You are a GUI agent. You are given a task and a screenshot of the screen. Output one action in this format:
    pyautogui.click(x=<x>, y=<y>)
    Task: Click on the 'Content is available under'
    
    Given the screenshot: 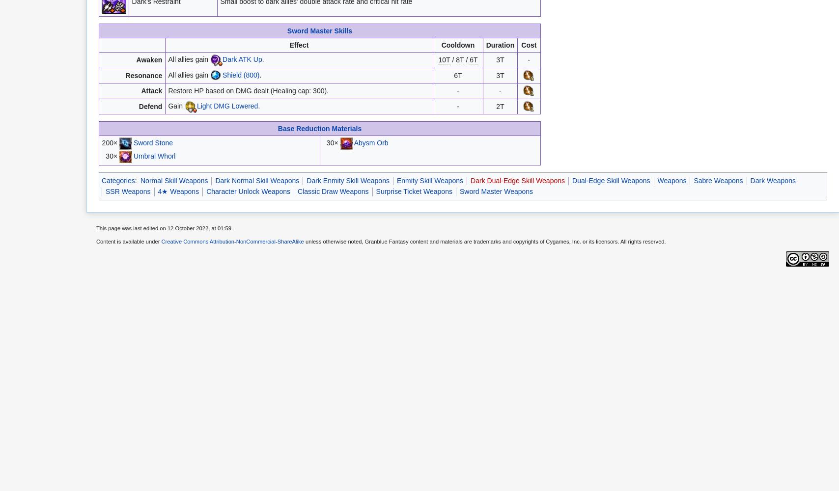 What is the action you would take?
    pyautogui.click(x=129, y=241)
    